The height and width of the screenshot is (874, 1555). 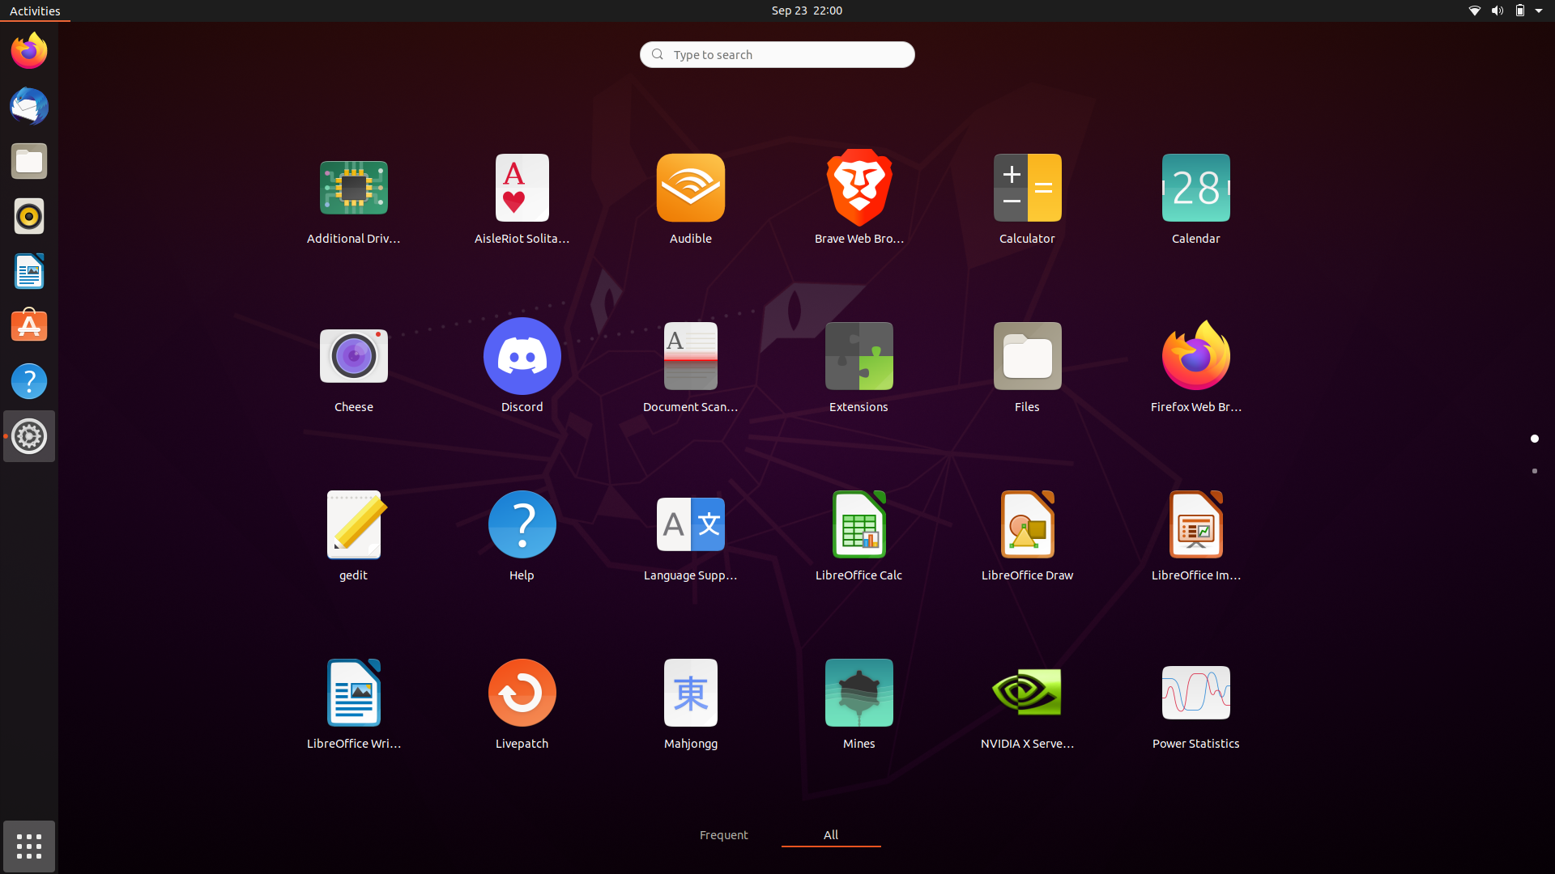 I want to click on Click to open the Calendar application, so click(x=1195, y=197).